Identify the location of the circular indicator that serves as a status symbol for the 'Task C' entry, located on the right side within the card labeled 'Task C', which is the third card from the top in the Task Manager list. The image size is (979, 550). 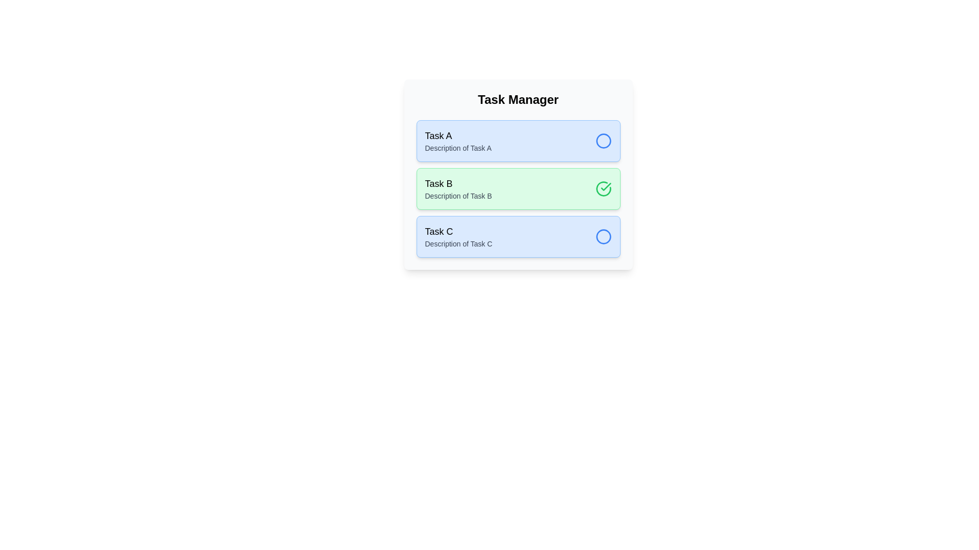
(603, 237).